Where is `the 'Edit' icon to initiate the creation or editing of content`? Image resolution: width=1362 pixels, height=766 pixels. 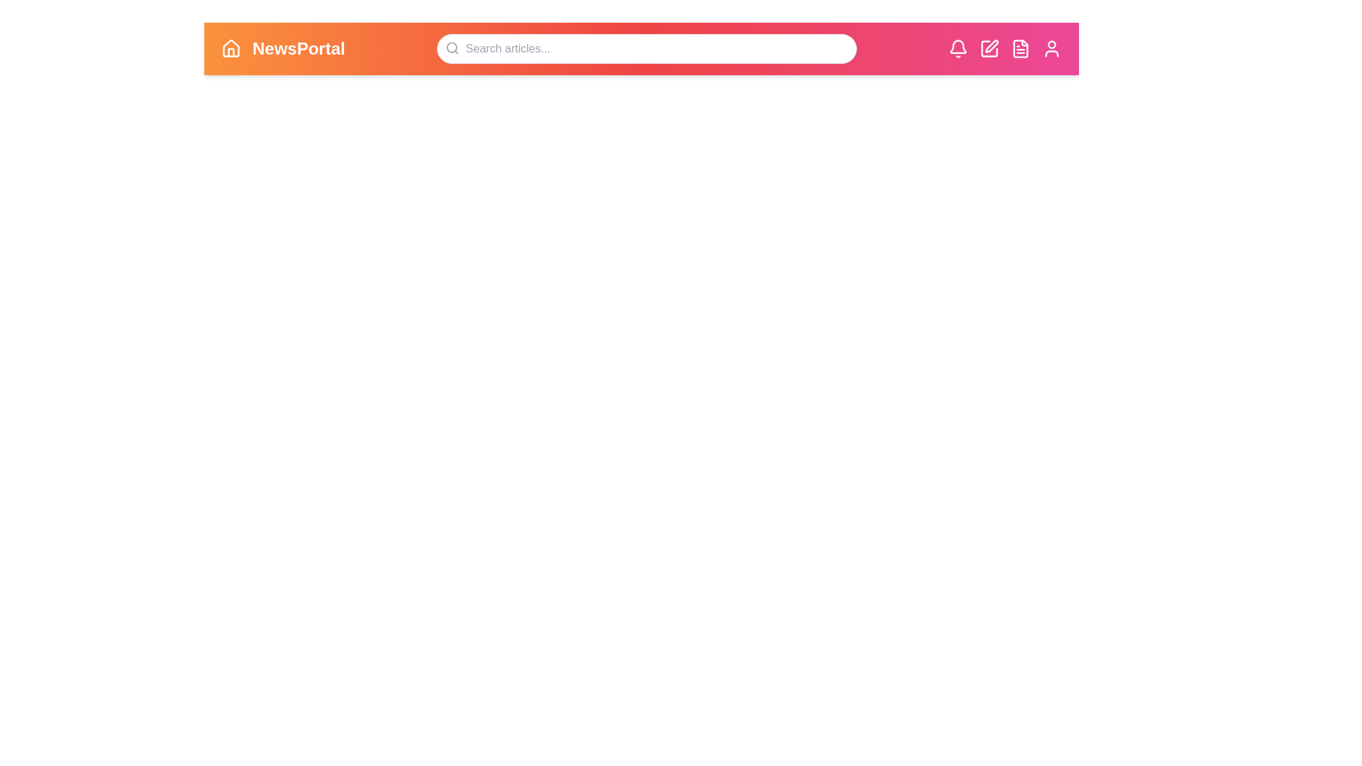
the 'Edit' icon to initiate the creation or editing of content is located at coordinates (989, 48).